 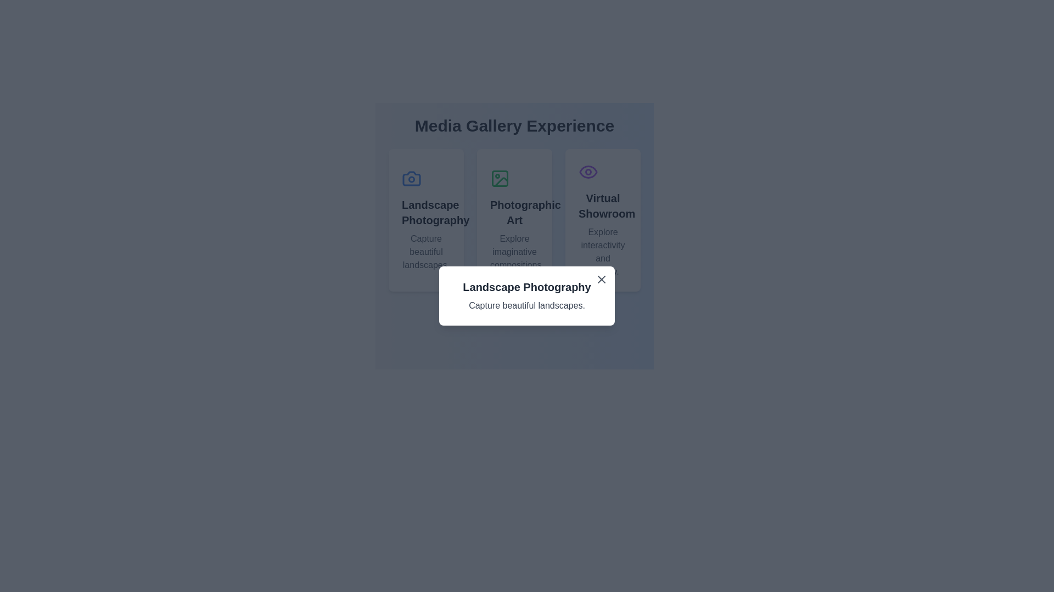 What do you see at coordinates (601, 278) in the screenshot?
I see `the close button icon, which is an 'X' shaped dark grey SVG element located at the top-right corner of the pop-up dialog box containing the text 'Landscape Photography'` at bounding box center [601, 278].